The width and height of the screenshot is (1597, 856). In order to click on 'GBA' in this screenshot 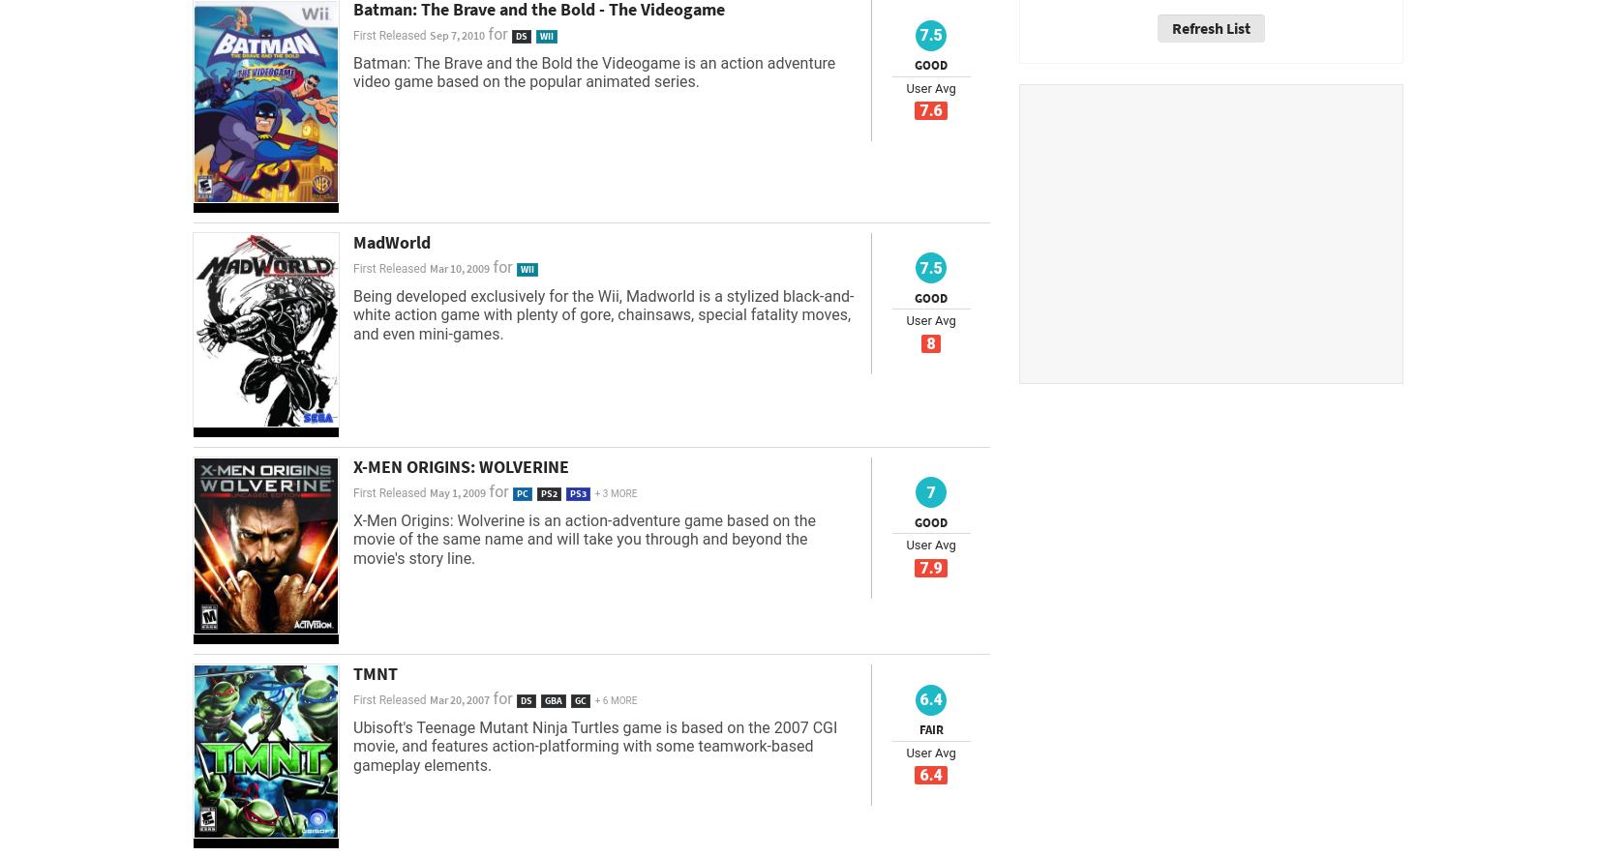, I will do `click(552, 698)`.